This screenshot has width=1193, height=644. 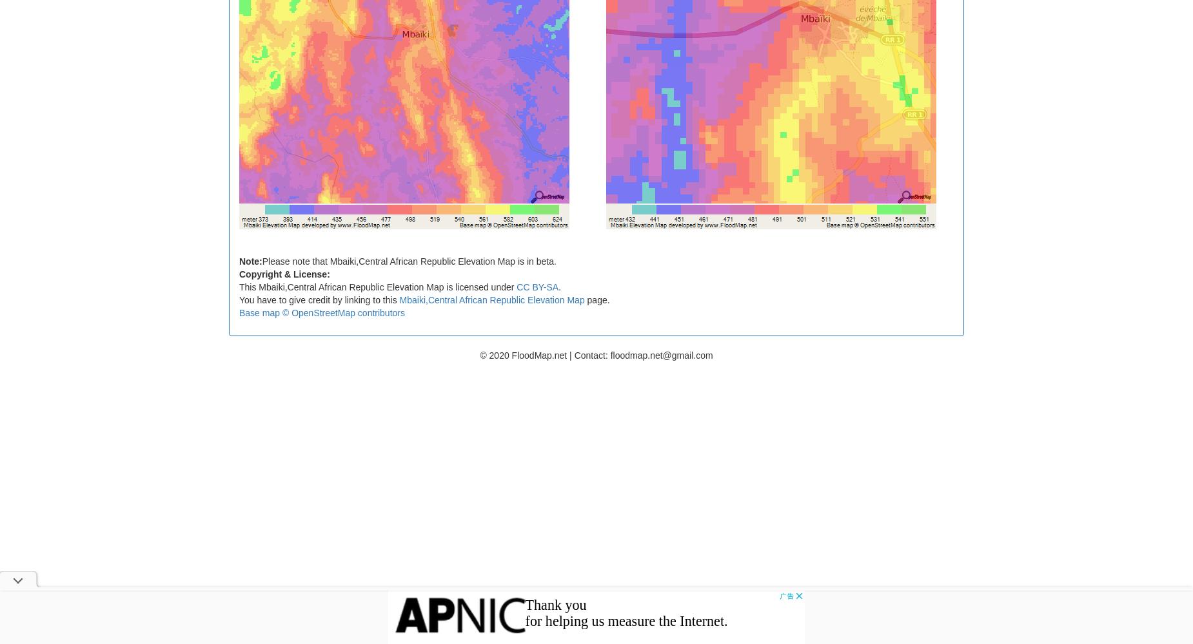 I want to click on 'Mbaiki,Central African Republic Elevation Map', so click(x=491, y=299).